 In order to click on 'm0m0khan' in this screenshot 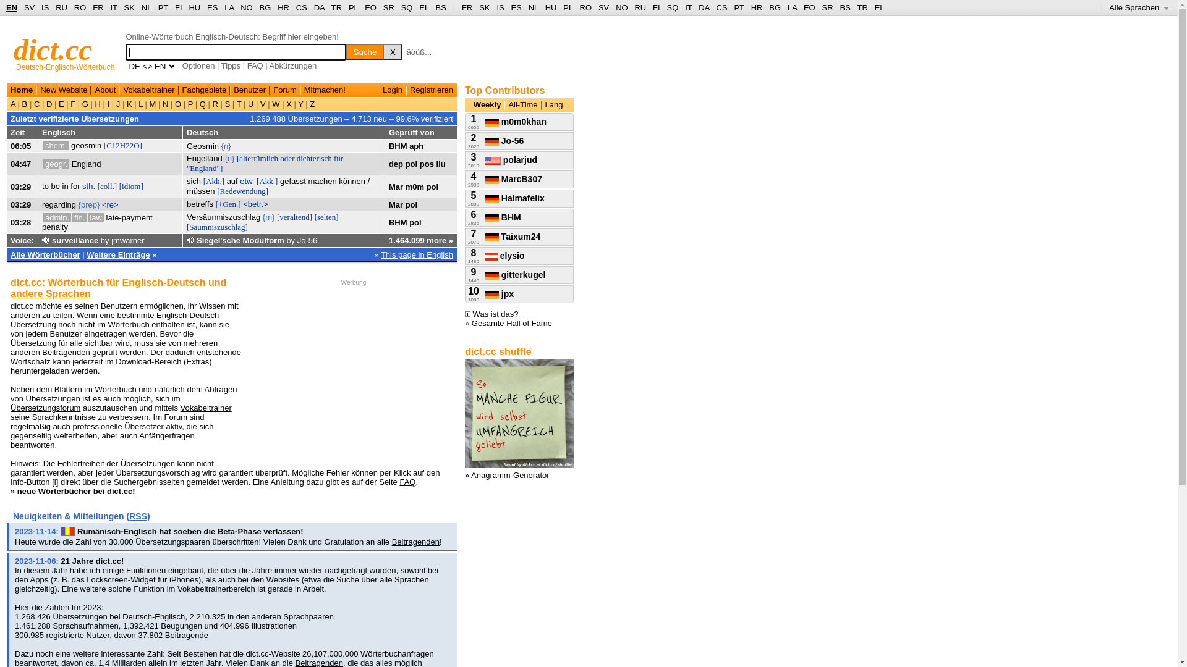, I will do `click(485, 121)`.